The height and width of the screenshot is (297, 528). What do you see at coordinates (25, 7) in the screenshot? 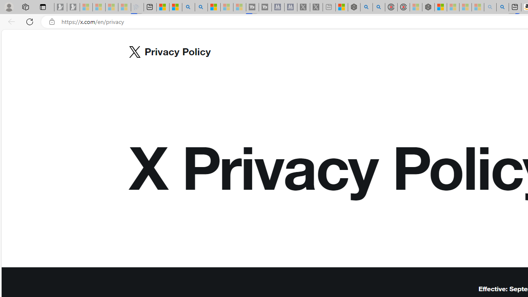
I see `'Workspaces'` at bounding box center [25, 7].